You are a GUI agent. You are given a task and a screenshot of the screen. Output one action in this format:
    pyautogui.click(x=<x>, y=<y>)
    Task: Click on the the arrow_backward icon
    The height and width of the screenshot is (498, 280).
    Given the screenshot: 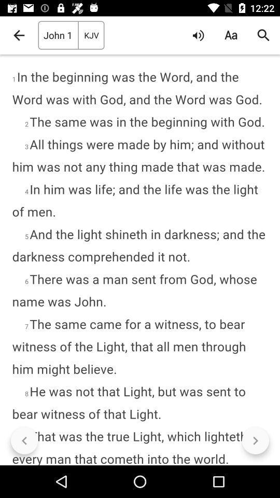 What is the action you would take?
    pyautogui.click(x=24, y=440)
    